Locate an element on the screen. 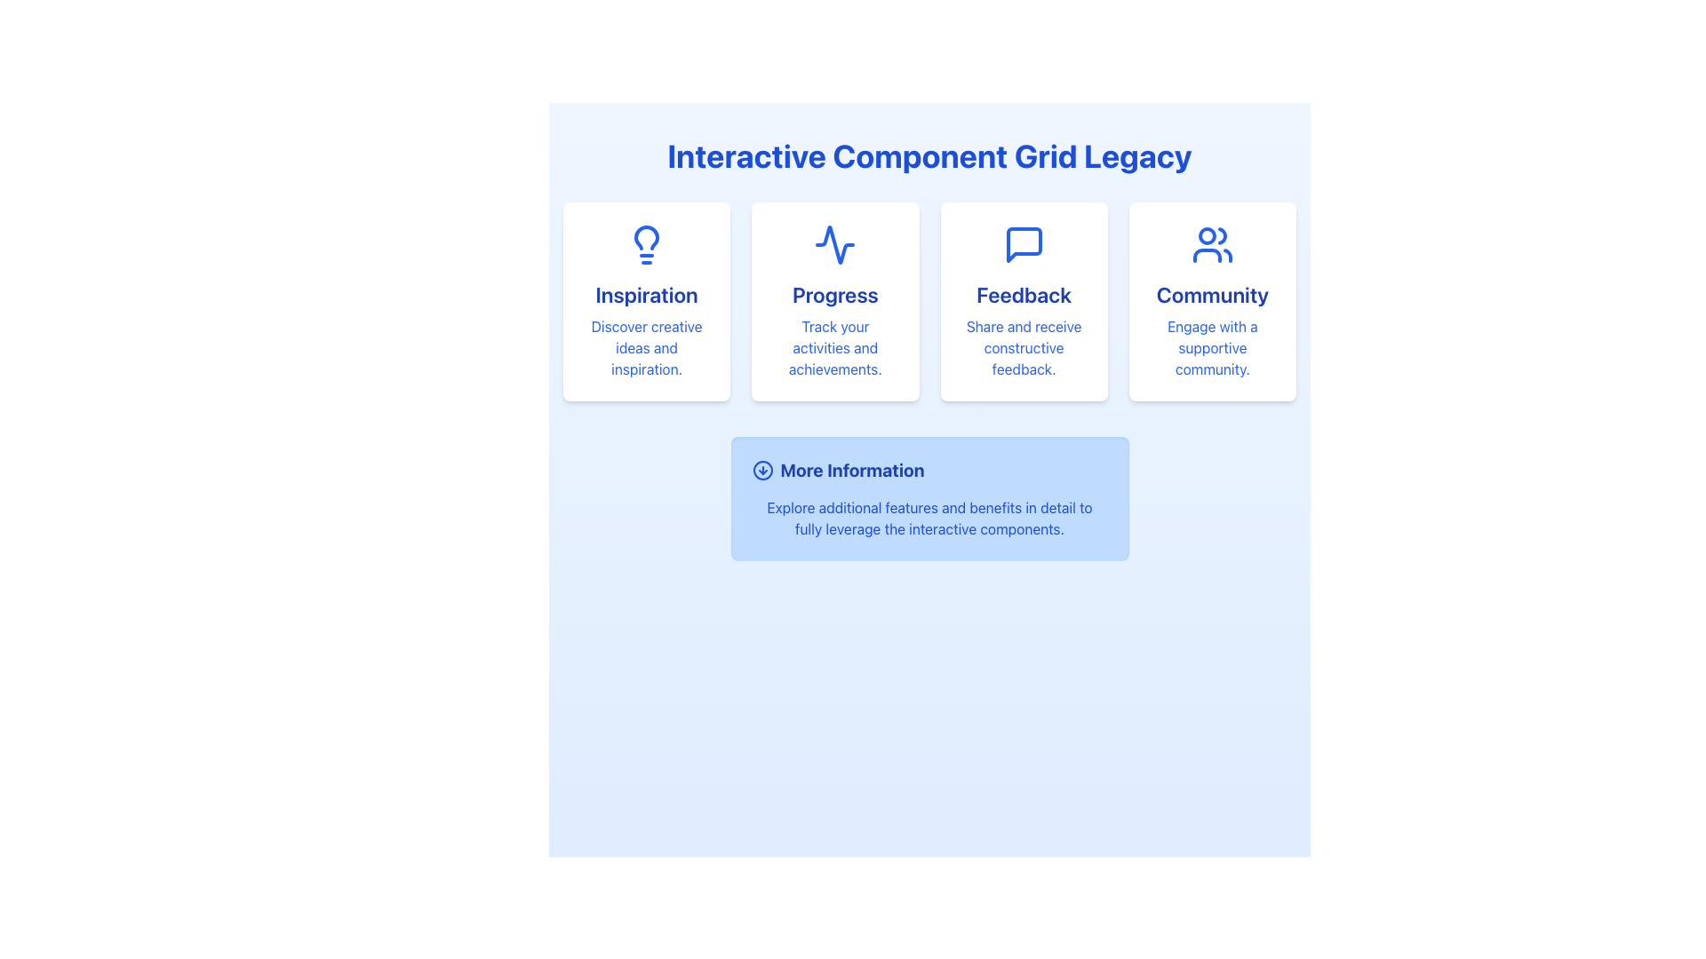  text content displayed in the text section styled in blue, centered within the 'Inspiration' card, which contains the text 'Discover creative ideas and inspiration.' is located at coordinates (646, 348).